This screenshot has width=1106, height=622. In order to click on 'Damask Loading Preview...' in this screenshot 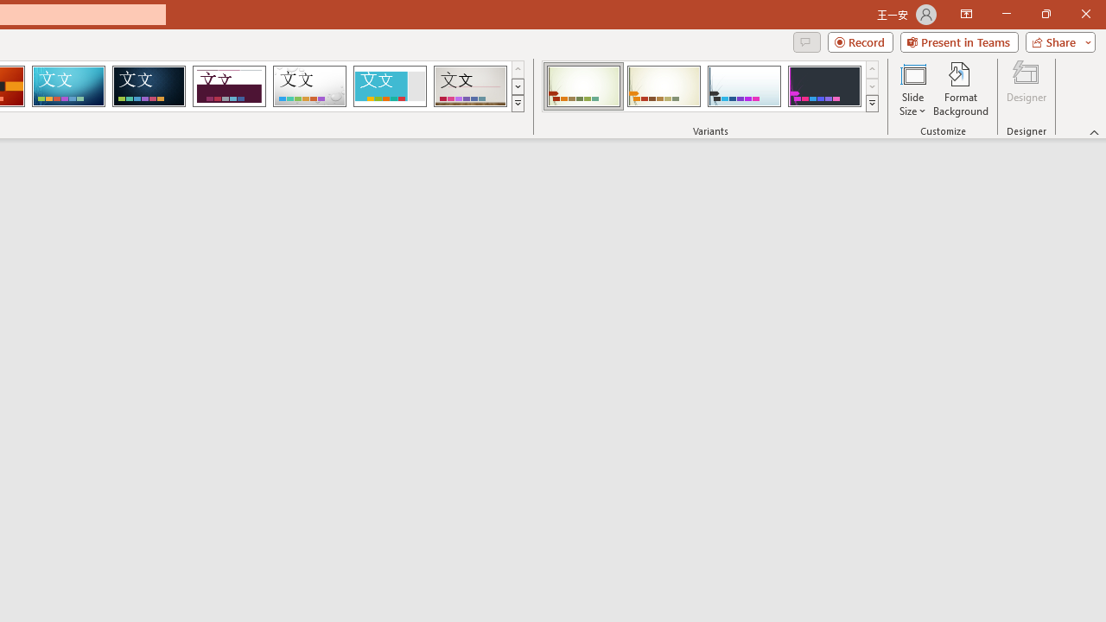, I will do `click(149, 86)`.